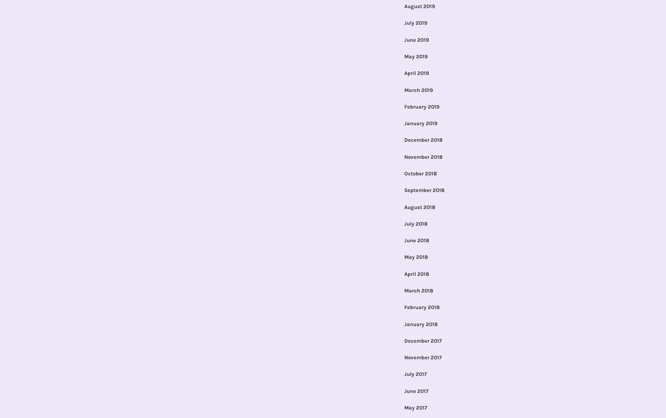 This screenshot has height=418, width=666. What do you see at coordinates (403, 56) in the screenshot?
I see `'May 2019'` at bounding box center [403, 56].